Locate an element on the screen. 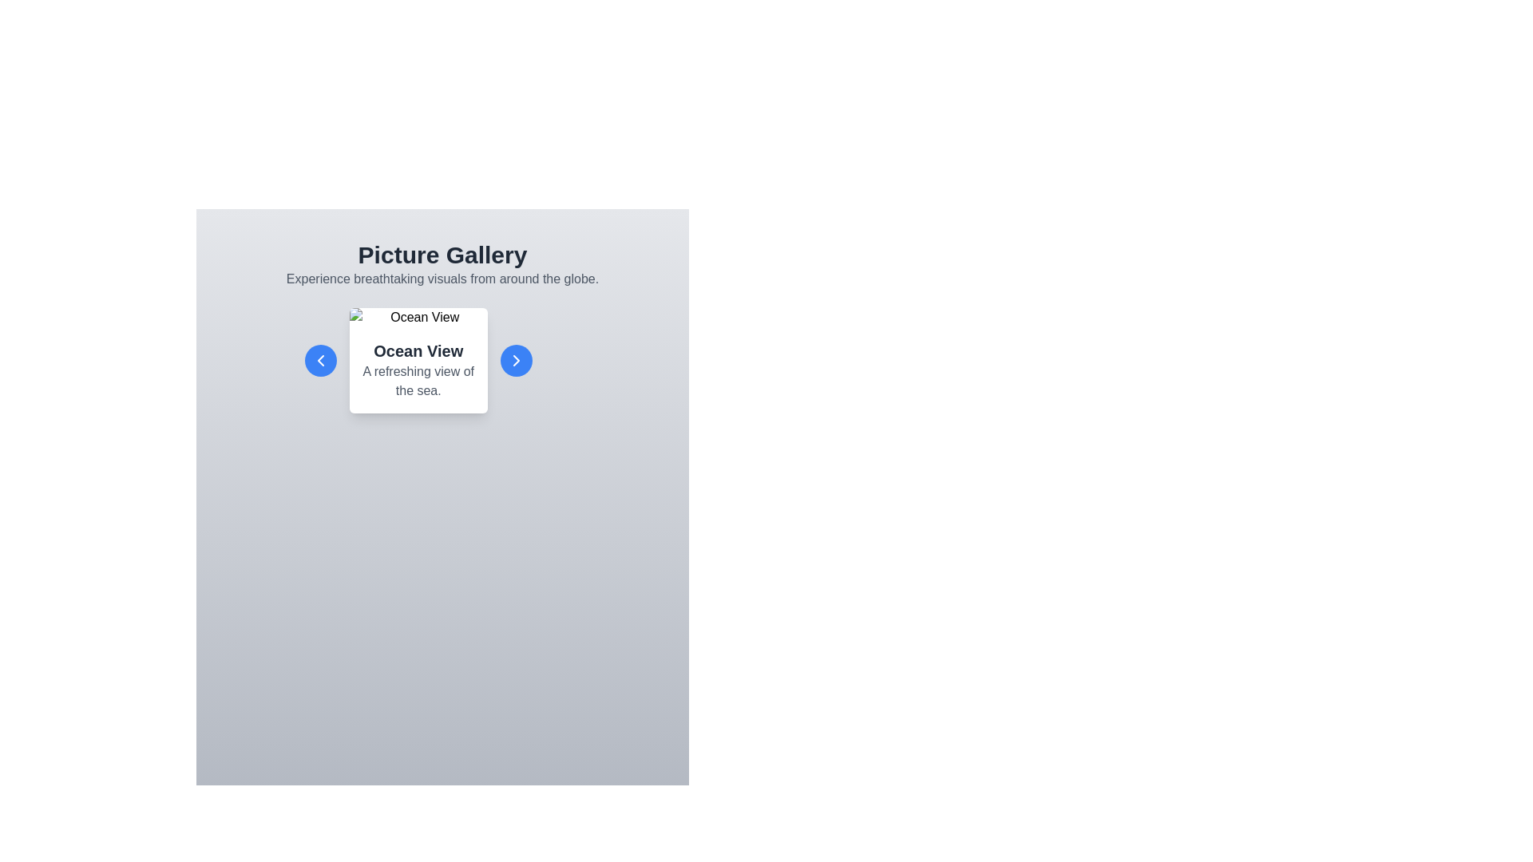 Image resolution: width=1533 pixels, height=862 pixels. the circular button with a blue background and white border that contains a leftward-pointing chevron icon is located at coordinates (320, 360).